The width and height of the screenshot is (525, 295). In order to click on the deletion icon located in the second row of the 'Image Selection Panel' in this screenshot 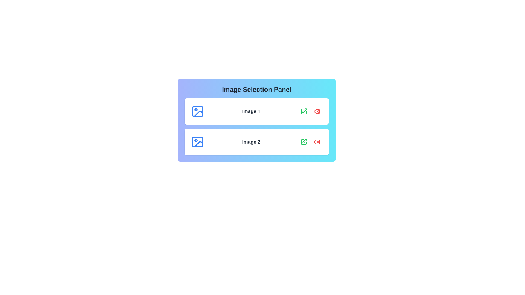, I will do `click(317, 142)`.